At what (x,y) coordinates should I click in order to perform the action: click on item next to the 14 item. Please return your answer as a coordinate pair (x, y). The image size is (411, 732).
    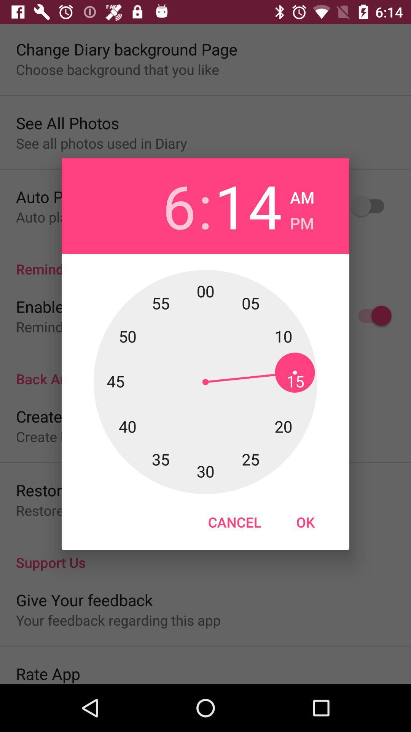
    Looking at the image, I should click on (301, 220).